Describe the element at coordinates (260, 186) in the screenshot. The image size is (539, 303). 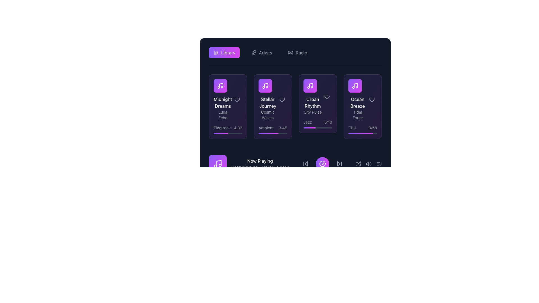
I see `the Progress indicator, which is a rounded rectangular bar with a gradient from violet to fuchsia, representing 60% completion` at that location.